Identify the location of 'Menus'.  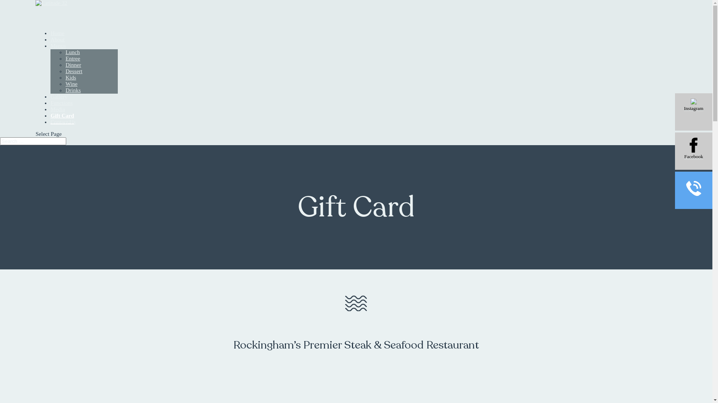
(58, 54).